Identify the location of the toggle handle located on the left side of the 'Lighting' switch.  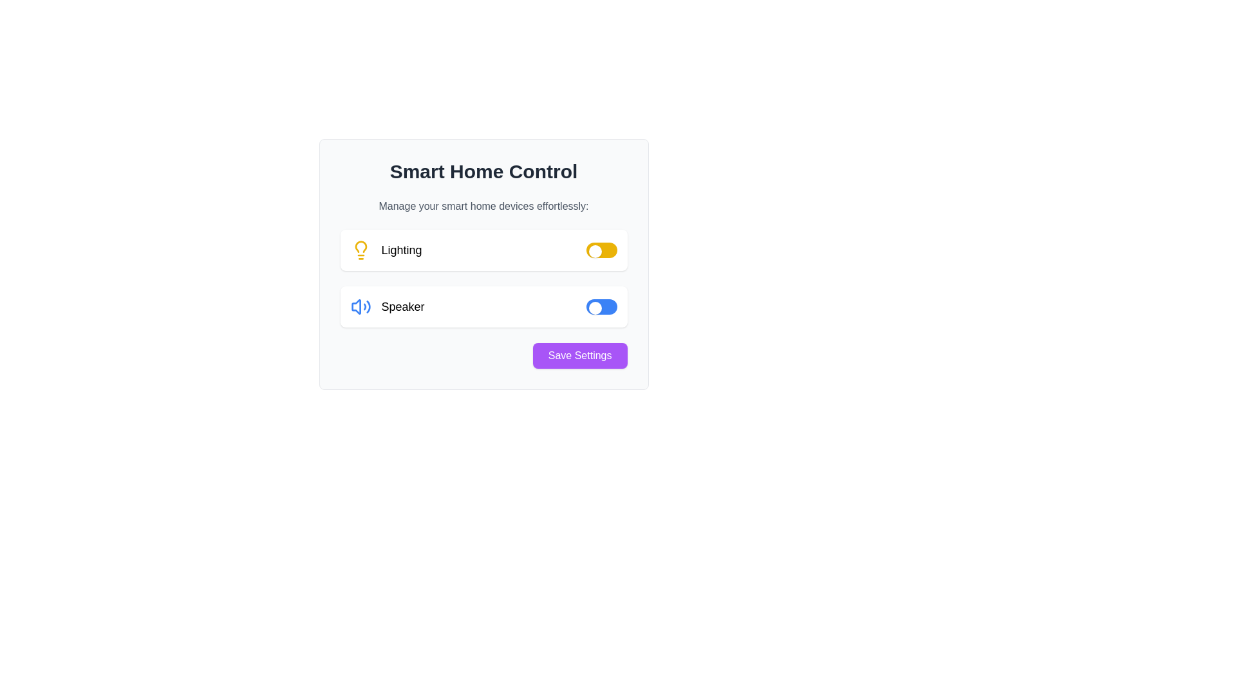
(594, 251).